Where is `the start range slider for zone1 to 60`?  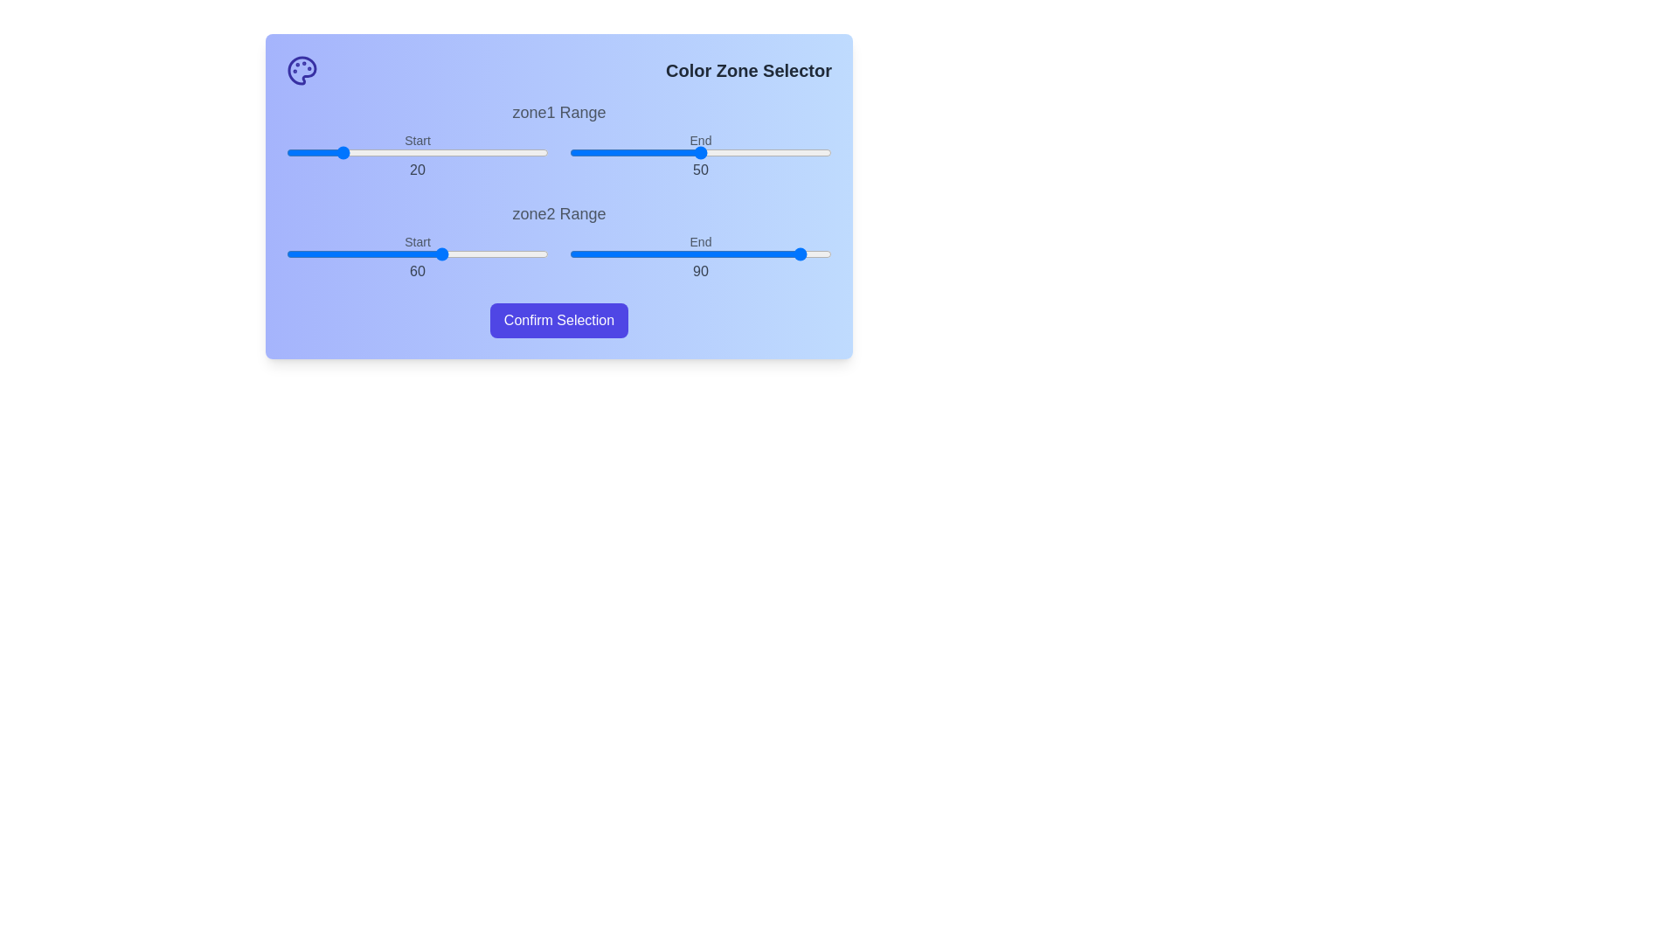 the start range slider for zone1 to 60 is located at coordinates (444, 151).